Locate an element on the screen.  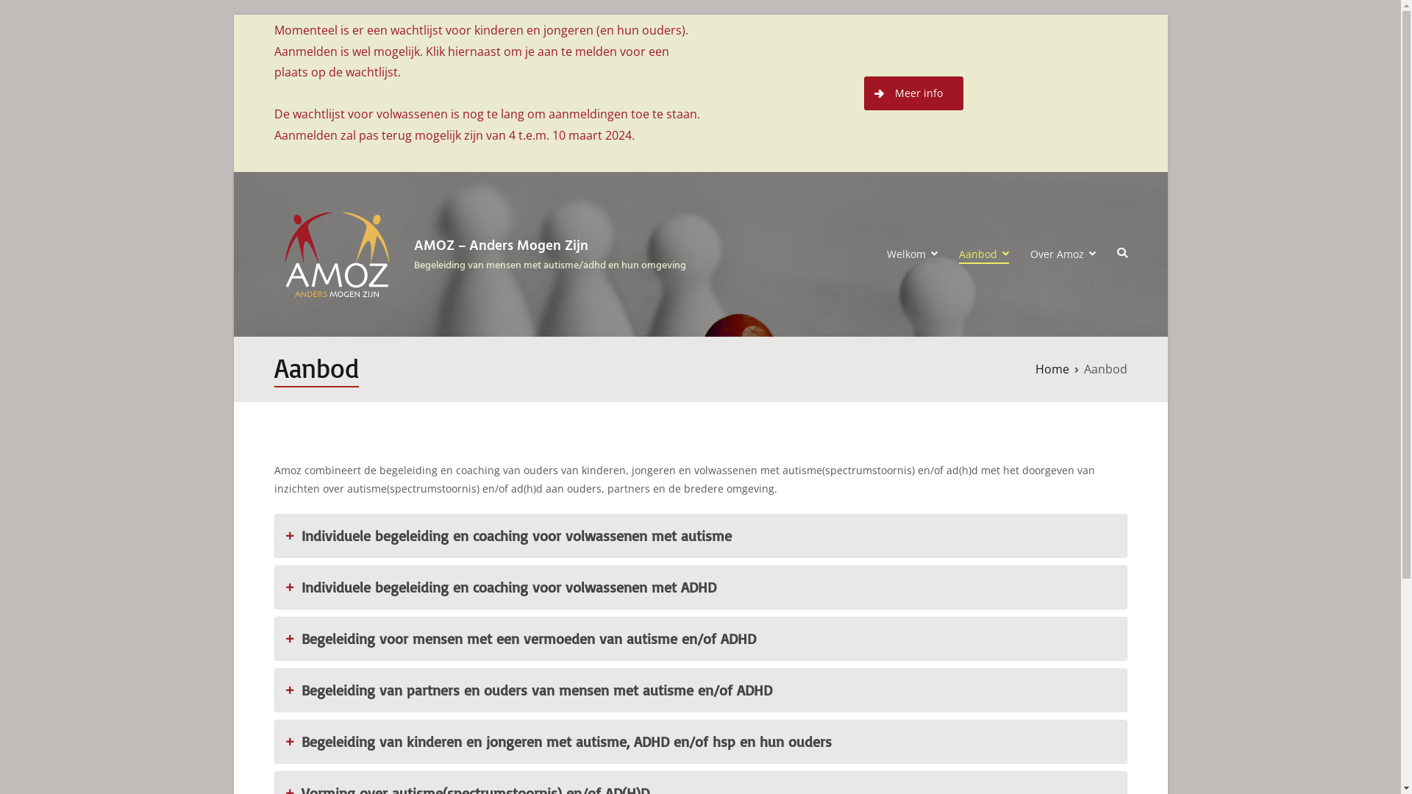
'Welkom' is located at coordinates (911, 254).